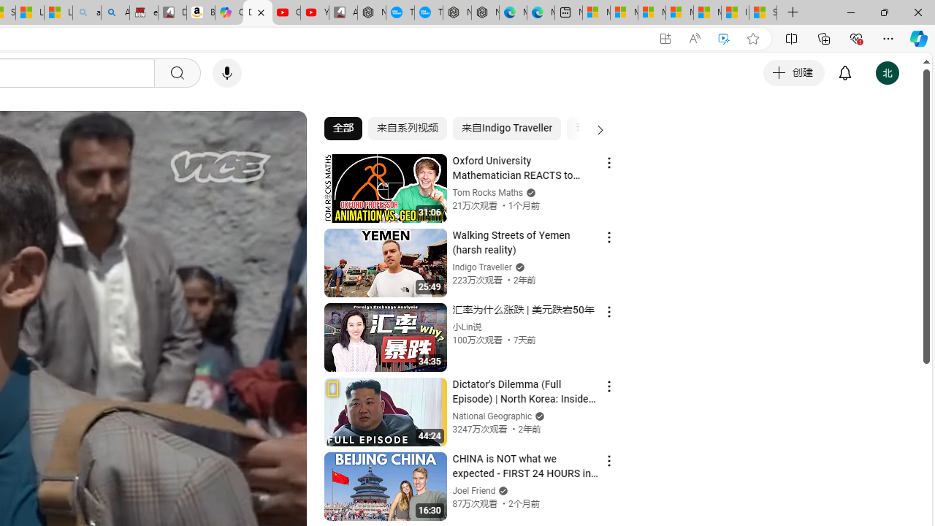 The width and height of the screenshot is (935, 526). What do you see at coordinates (258, 12) in the screenshot?
I see `'Day 1: Arriving in Yemen (surreal to be here) - YouTube'` at bounding box center [258, 12].